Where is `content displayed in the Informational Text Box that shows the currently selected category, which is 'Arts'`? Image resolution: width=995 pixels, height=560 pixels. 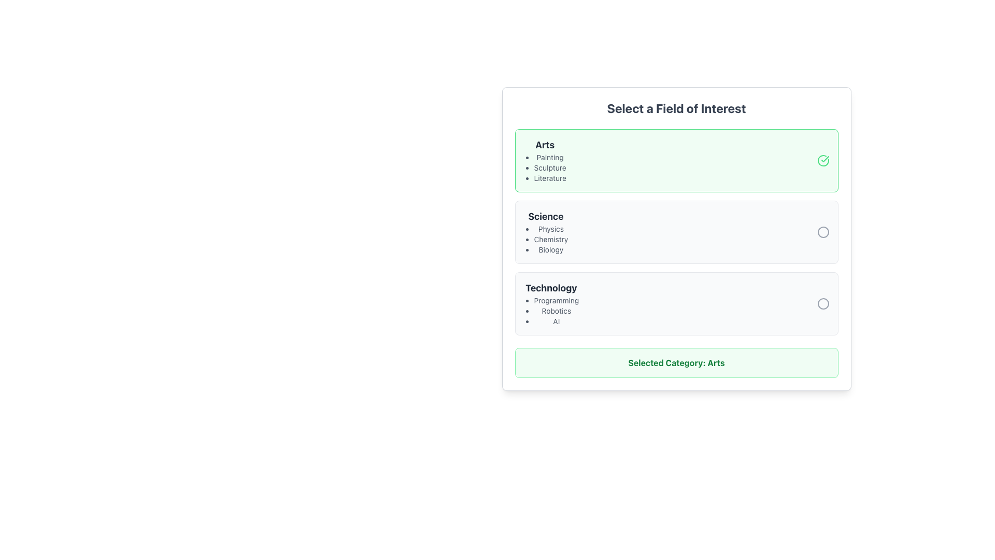
content displayed in the Informational Text Box that shows the currently selected category, which is 'Arts' is located at coordinates (676, 362).